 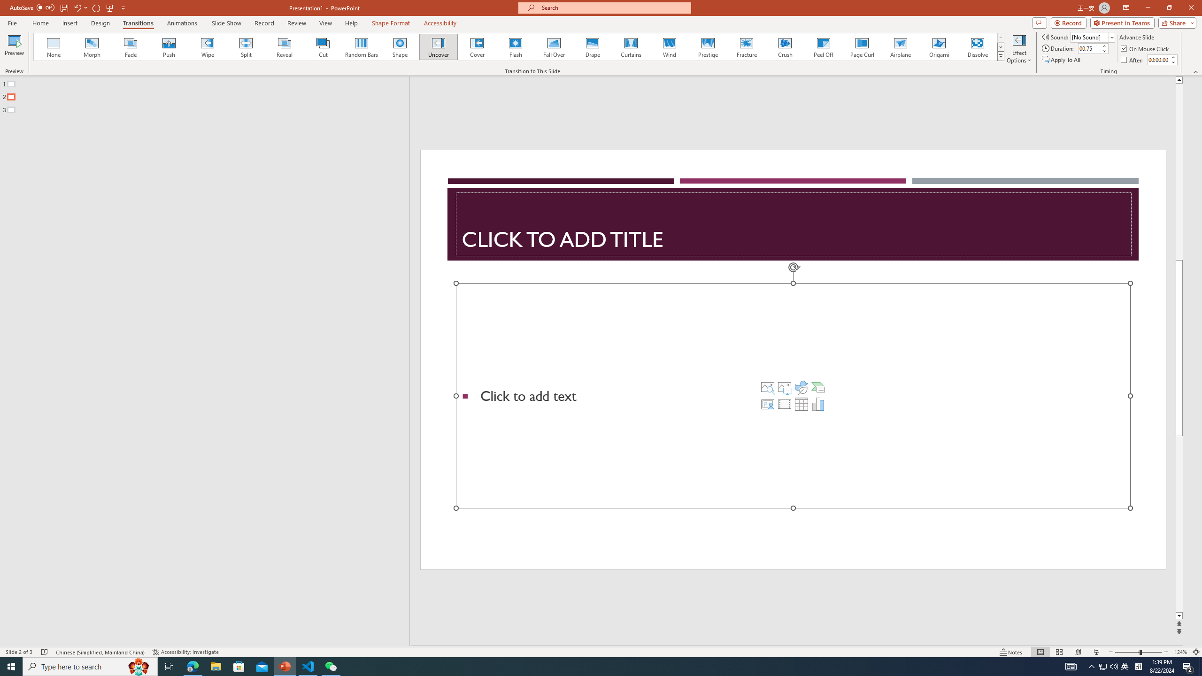 What do you see at coordinates (169, 46) in the screenshot?
I see `'Push'` at bounding box center [169, 46].